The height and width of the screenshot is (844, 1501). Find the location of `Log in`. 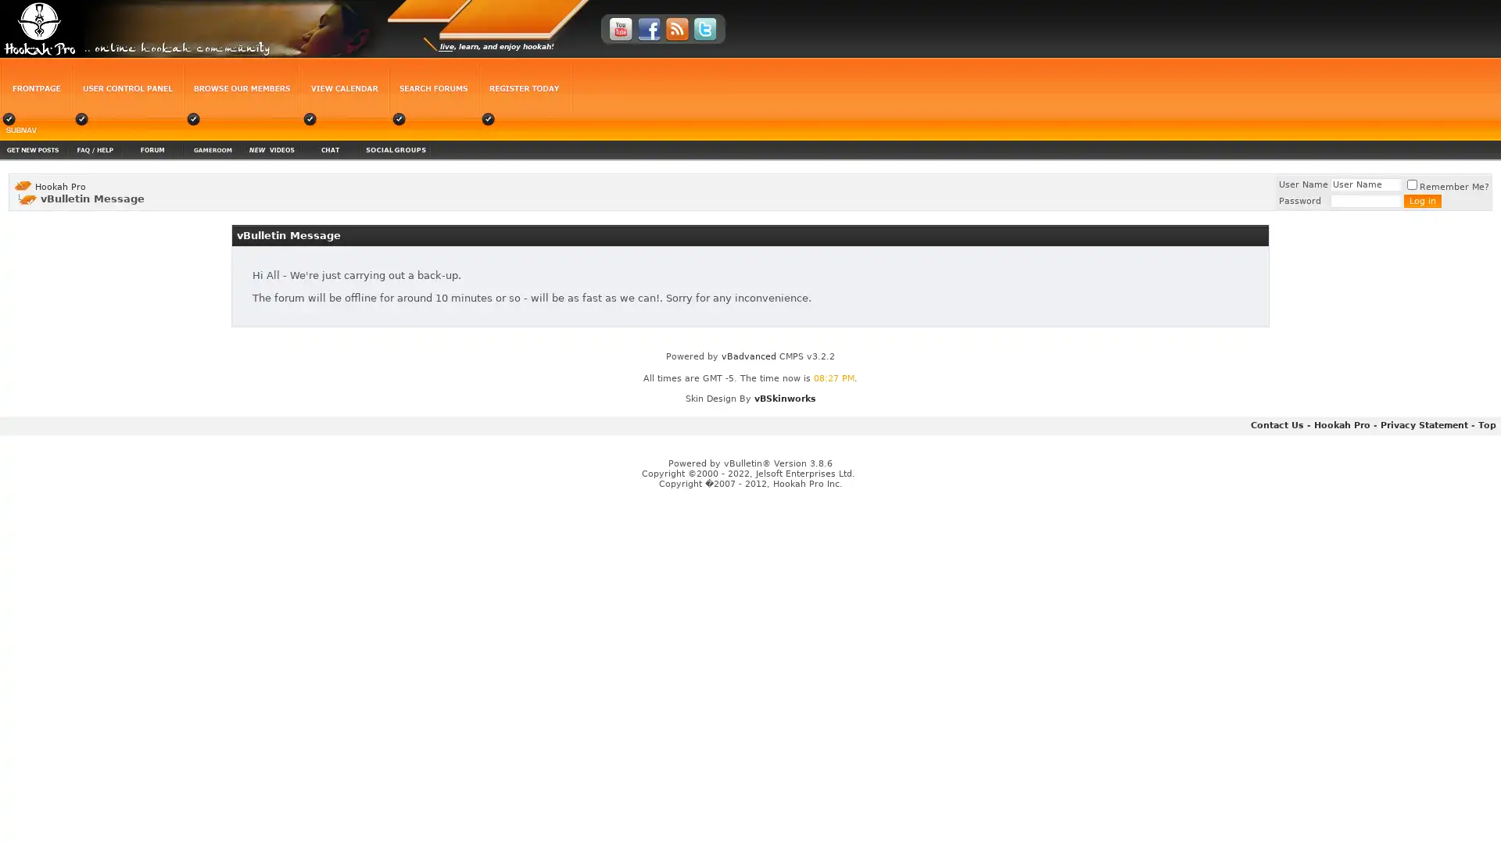

Log in is located at coordinates (1422, 199).